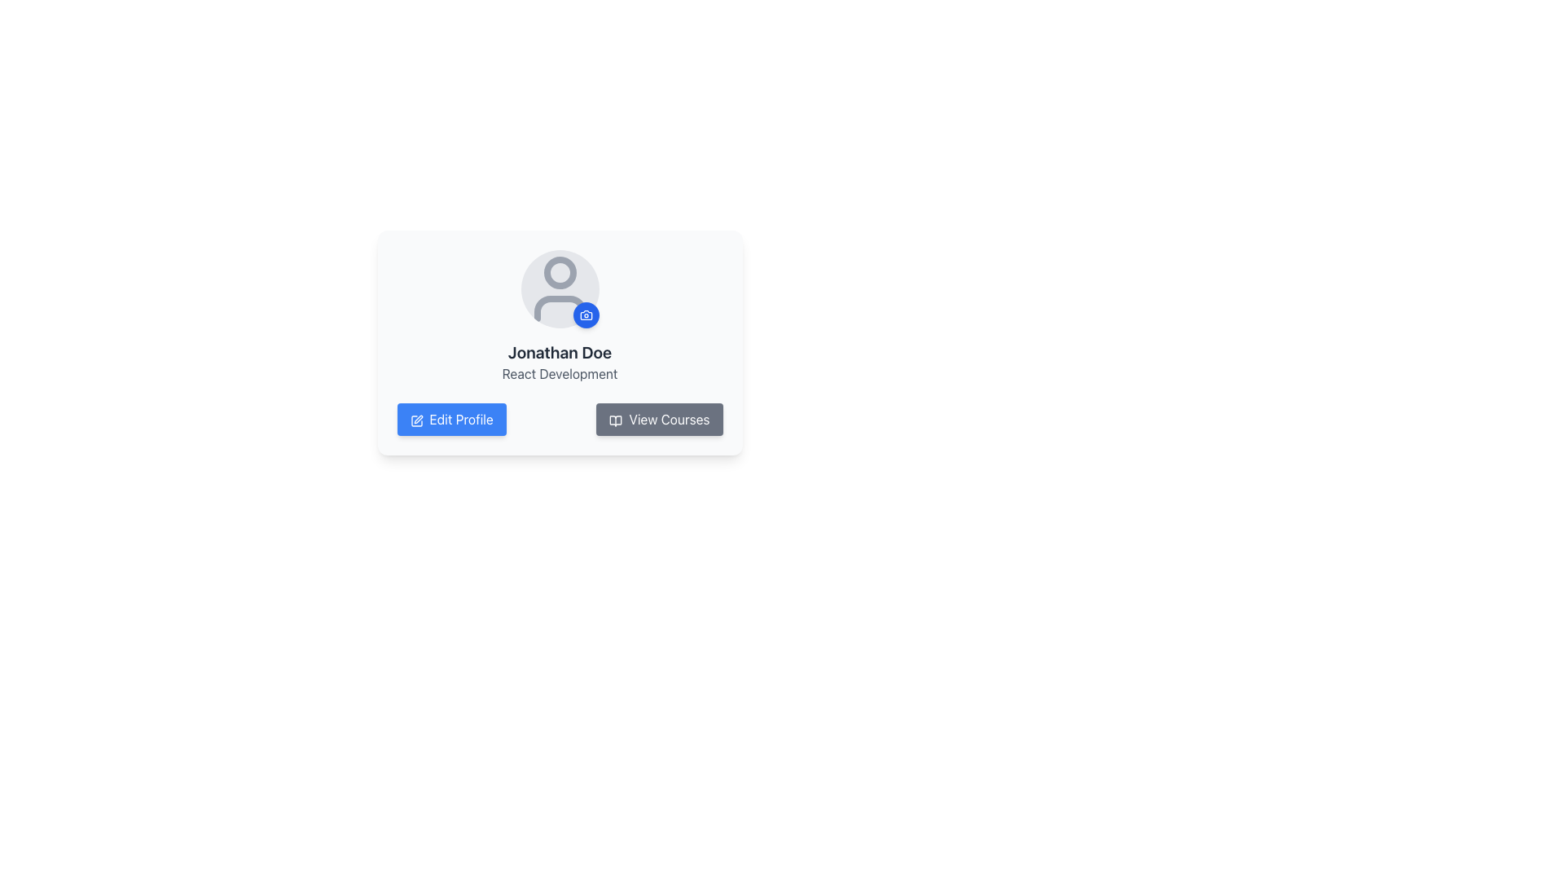 Image resolution: width=1564 pixels, height=880 pixels. I want to click on the Text Label displaying the user's name 'Jonathan Doe', which is prominently styled and located below the circular avatar icon, so click(560, 351).